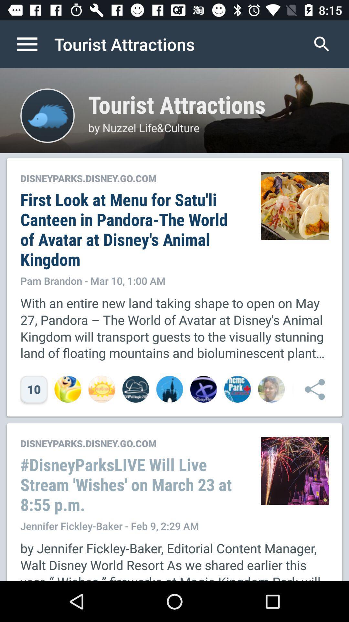 This screenshot has height=622, width=349. I want to click on icon to the left of tourist attractions item, so click(34, 44).